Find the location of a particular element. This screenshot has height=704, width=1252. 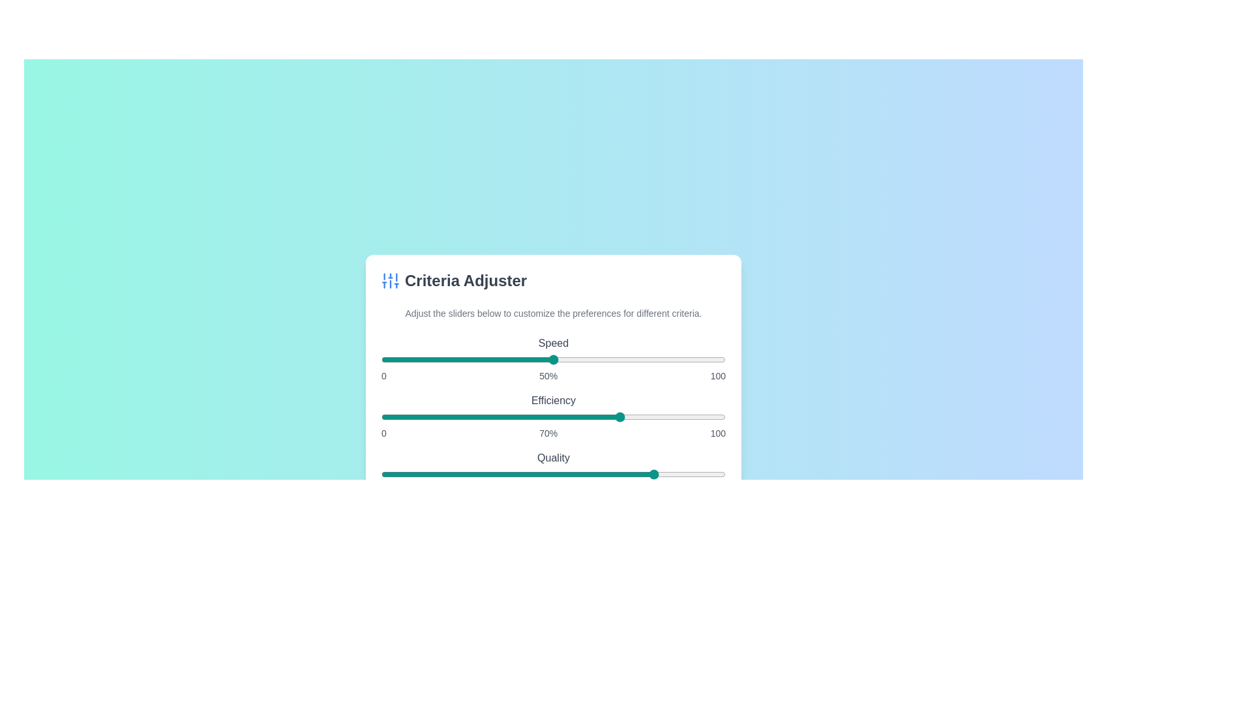

the 'Quality' slider to set its value to 34 is located at coordinates (498, 475).